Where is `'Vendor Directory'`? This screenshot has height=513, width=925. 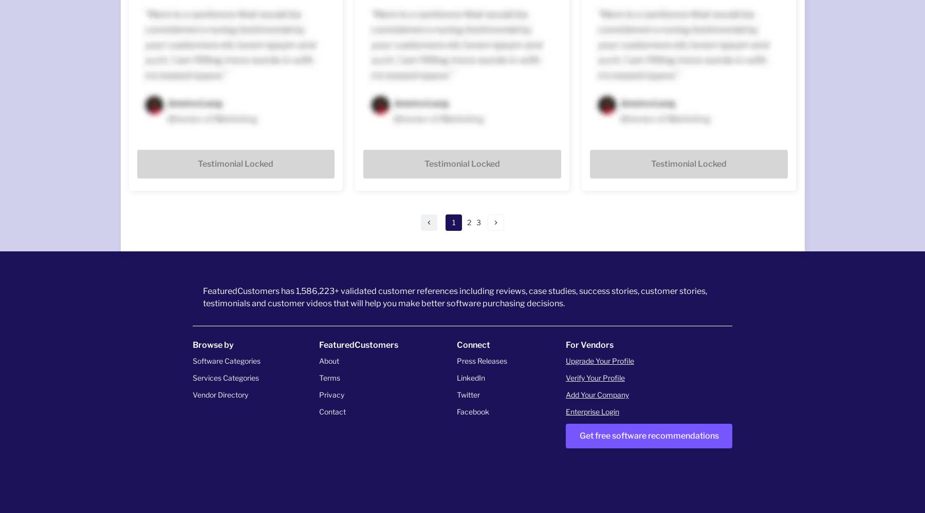 'Vendor Directory' is located at coordinates (220, 394).